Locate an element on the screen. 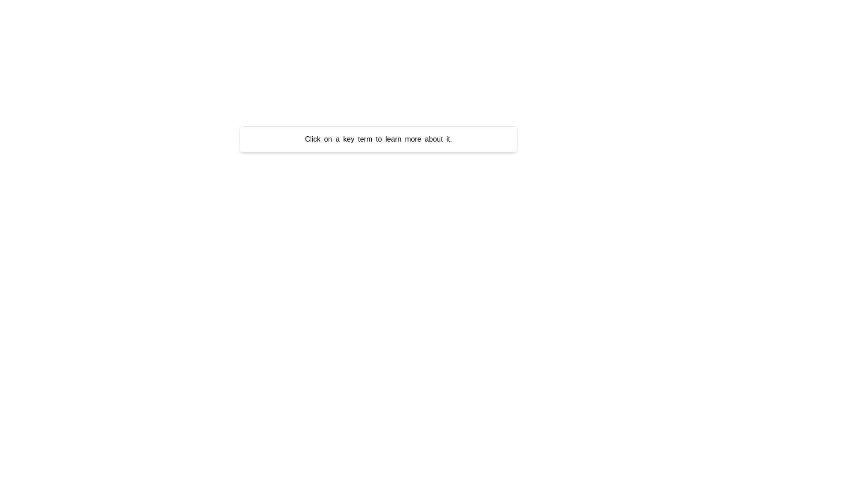 This screenshot has height=484, width=860. the static text element labeled 'about' which has a hover effect that changes its background to yellow, positioned as the ninth word in the sentence 'Click on a key term to learn more about it.' is located at coordinates (434, 139).